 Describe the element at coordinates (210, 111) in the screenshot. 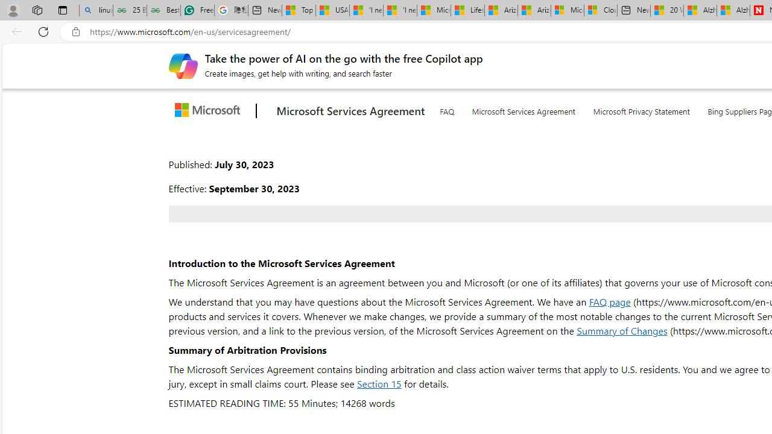

I see `'Microsoft'` at that location.